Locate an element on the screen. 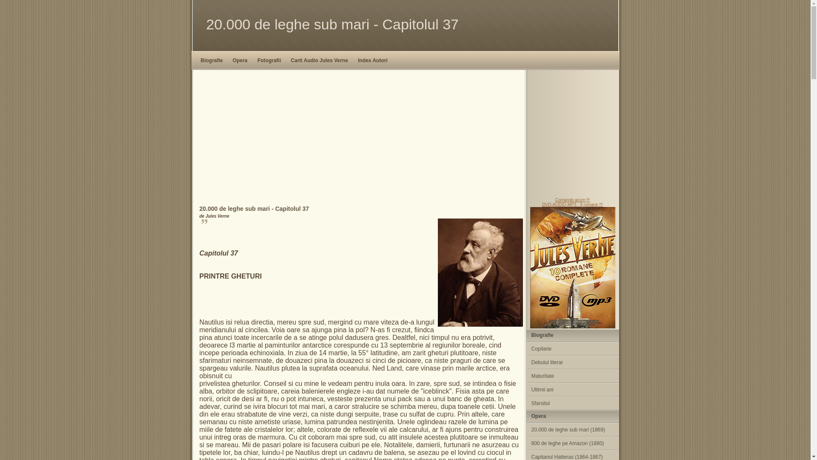 This screenshot has width=817, height=460. 'Advertisement' is located at coordinates (404, 133).